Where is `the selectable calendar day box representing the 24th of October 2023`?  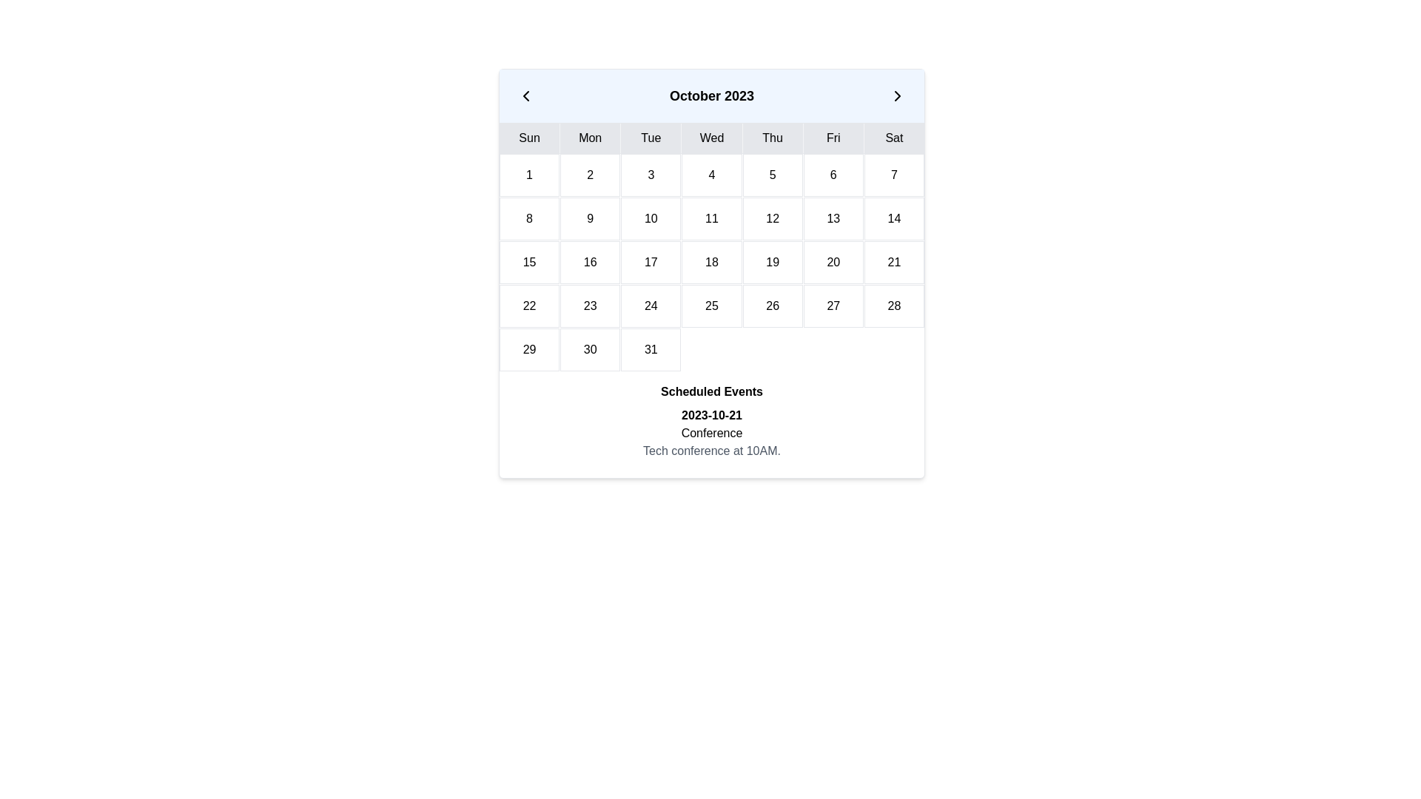 the selectable calendar day box representing the 24th of October 2023 is located at coordinates (651, 305).